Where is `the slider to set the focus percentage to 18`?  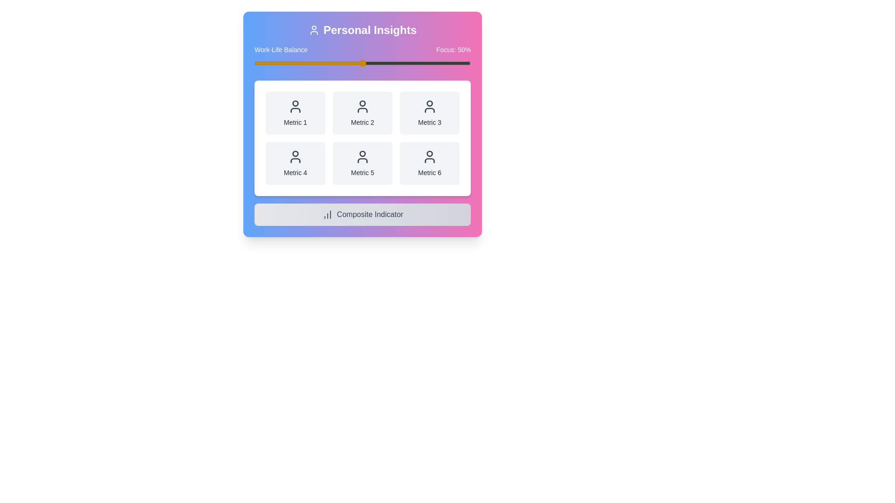 the slider to set the focus percentage to 18 is located at coordinates (293, 63).